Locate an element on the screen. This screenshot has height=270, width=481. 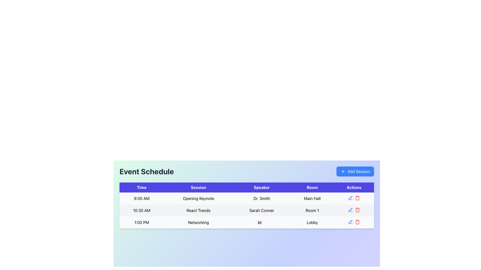
the 'Session' header cell in the table to sort the column, which is the purple button-like area with white text located in the second column of the header row is located at coordinates (198, 187).